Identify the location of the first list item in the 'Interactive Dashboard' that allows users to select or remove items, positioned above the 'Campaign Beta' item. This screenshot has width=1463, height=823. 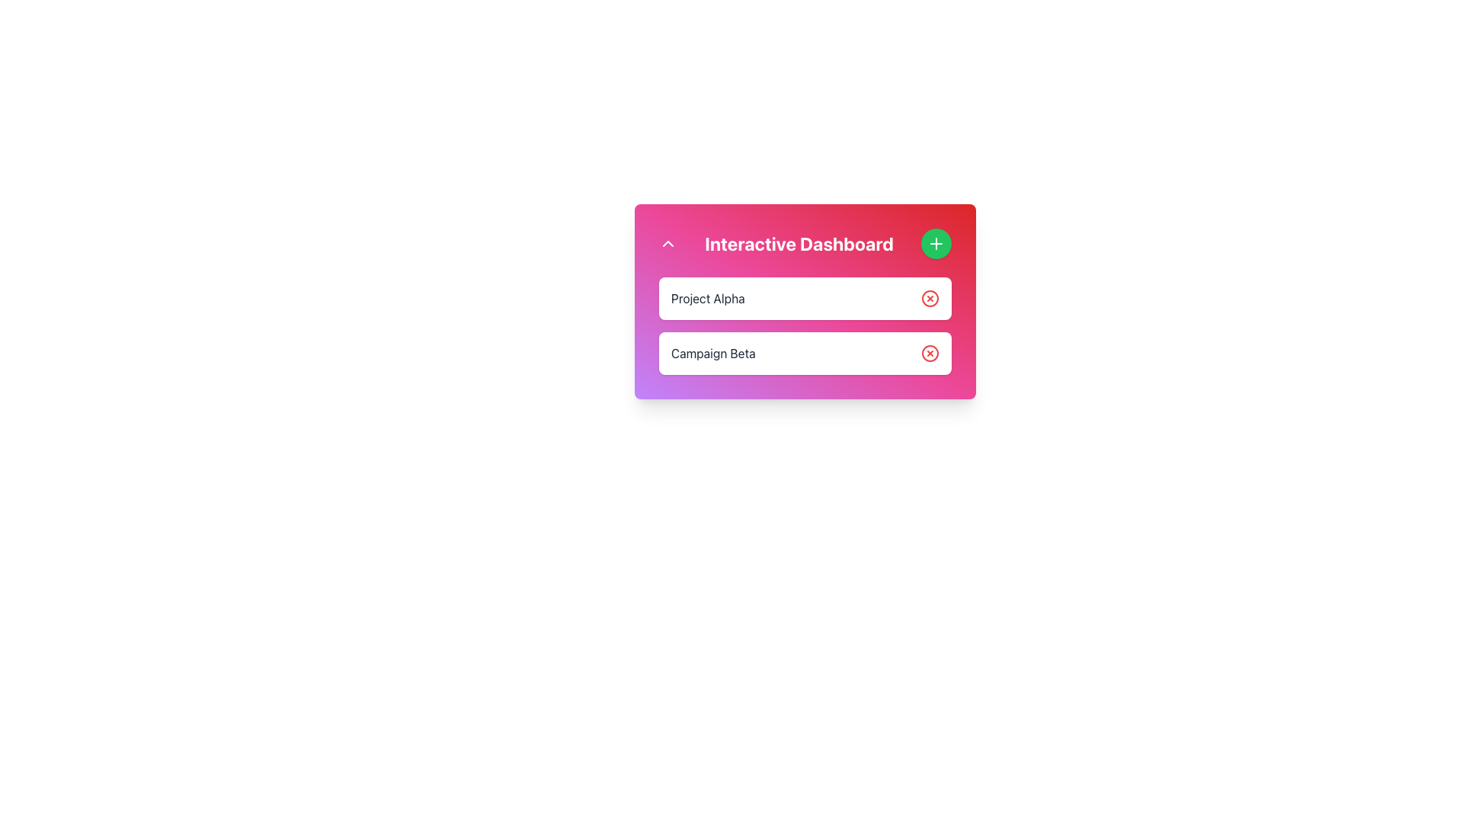
(804, 299).